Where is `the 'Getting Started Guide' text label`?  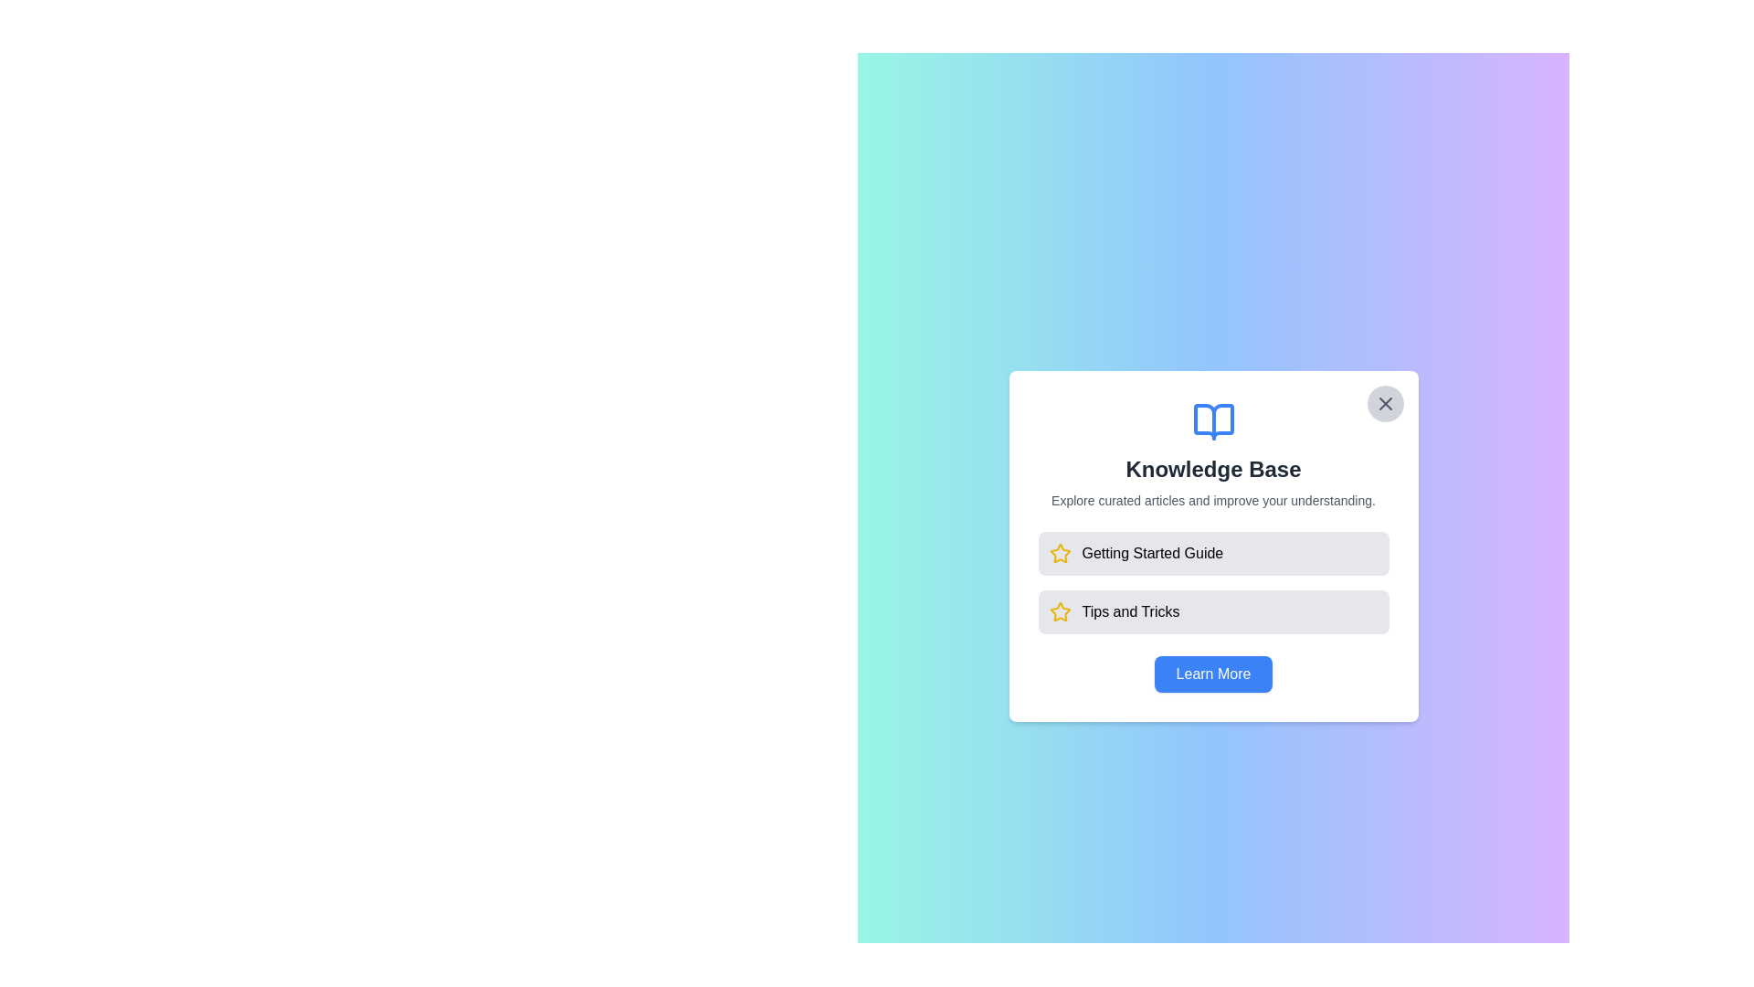 the 'Getting Started Guide' text label is located at coordinates (1151, 552).